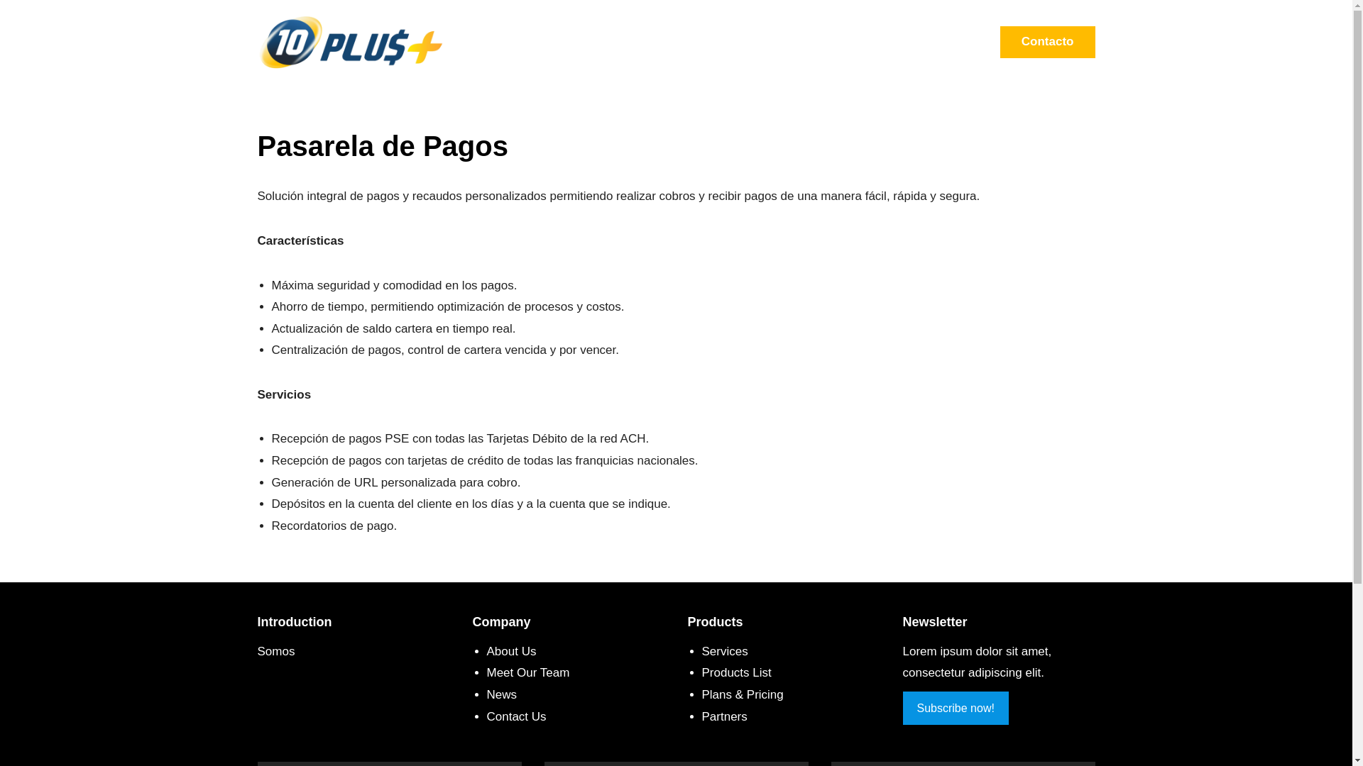 The image size is (1363, 766). What do you see at coordinates (902, 708) in the screenshot?
I see `'Subscribe now!'` at bounding box center [902, 708].